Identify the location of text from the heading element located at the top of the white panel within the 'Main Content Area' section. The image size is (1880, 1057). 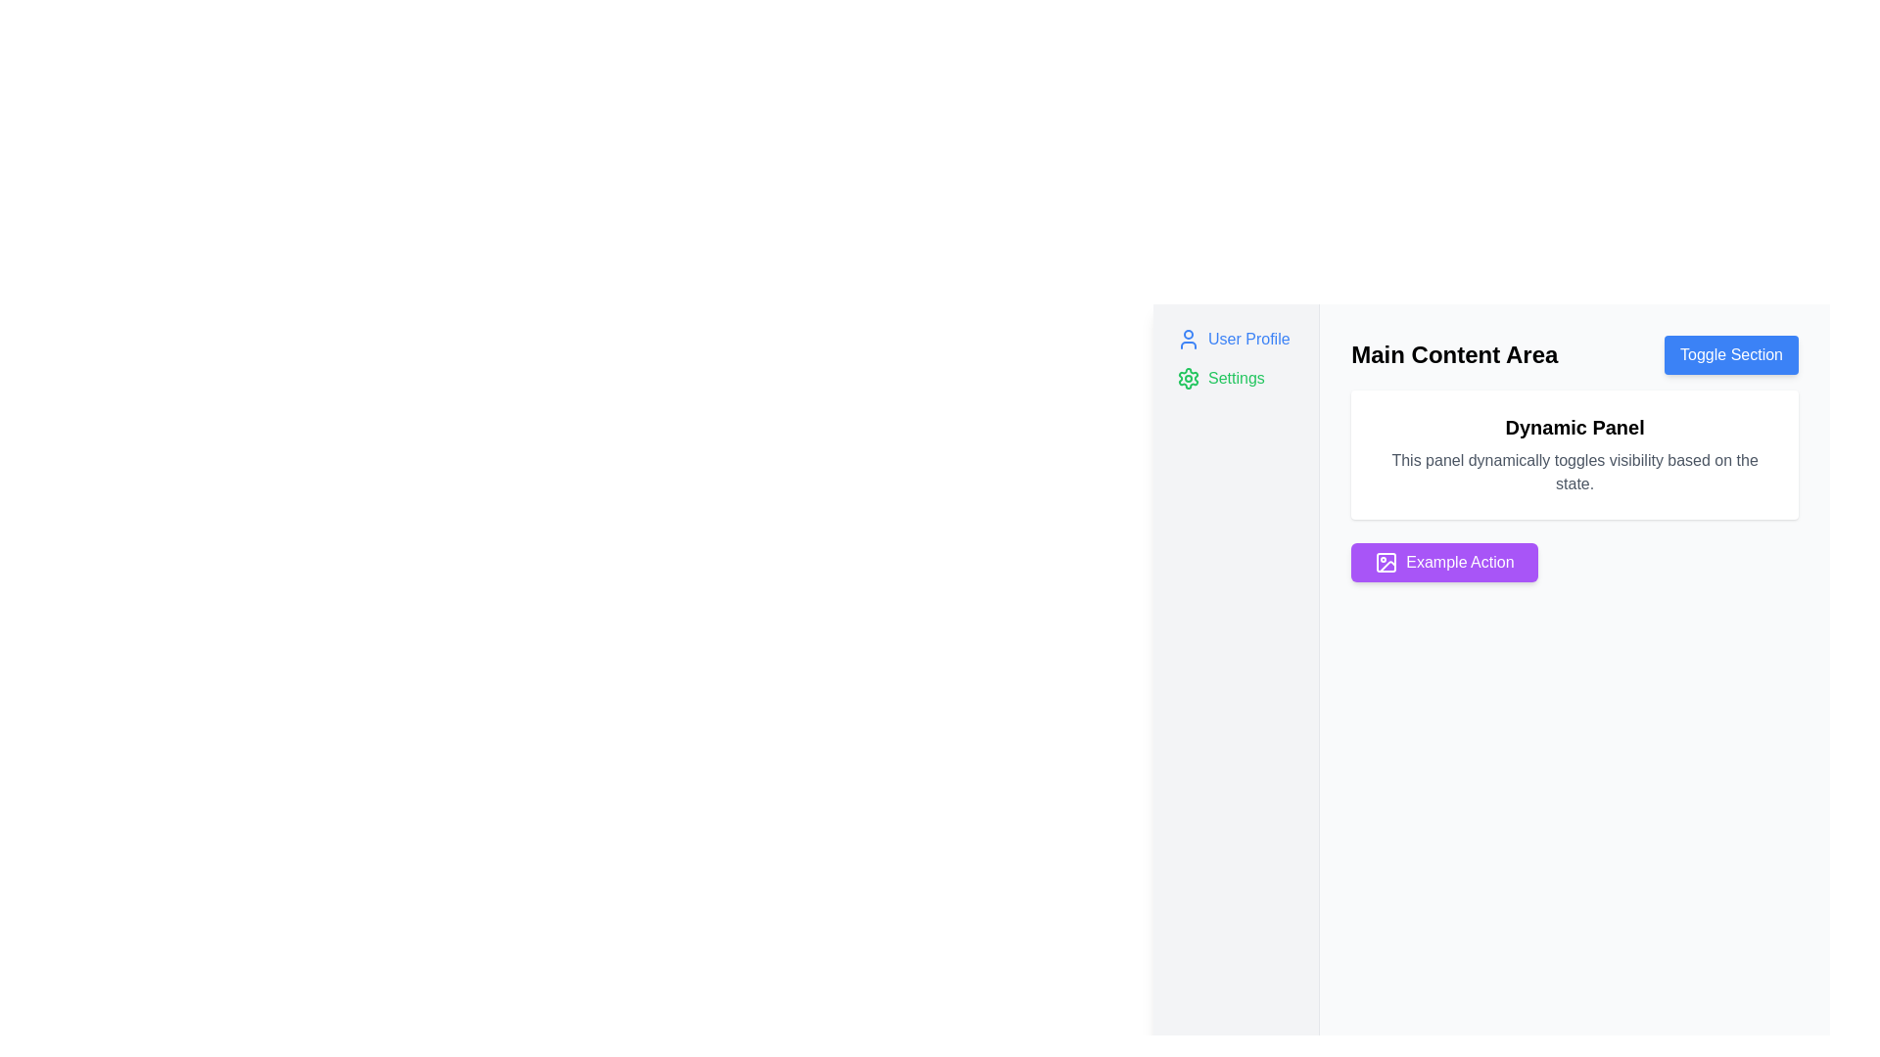
(1574, 426).